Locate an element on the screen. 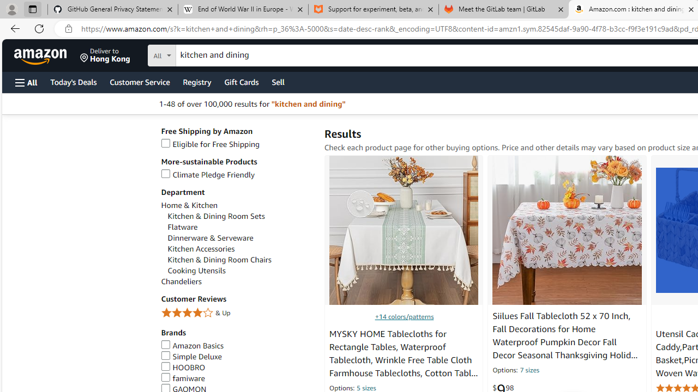  'Kitchen & Dining Room Sets' is located at coordinates (216, 216).